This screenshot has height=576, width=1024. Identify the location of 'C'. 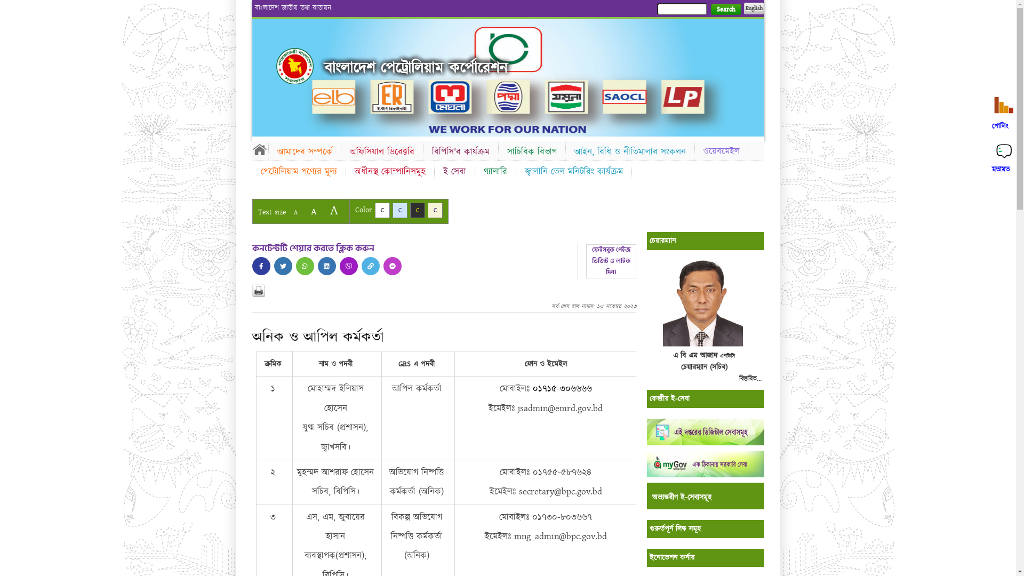
(391, 210).